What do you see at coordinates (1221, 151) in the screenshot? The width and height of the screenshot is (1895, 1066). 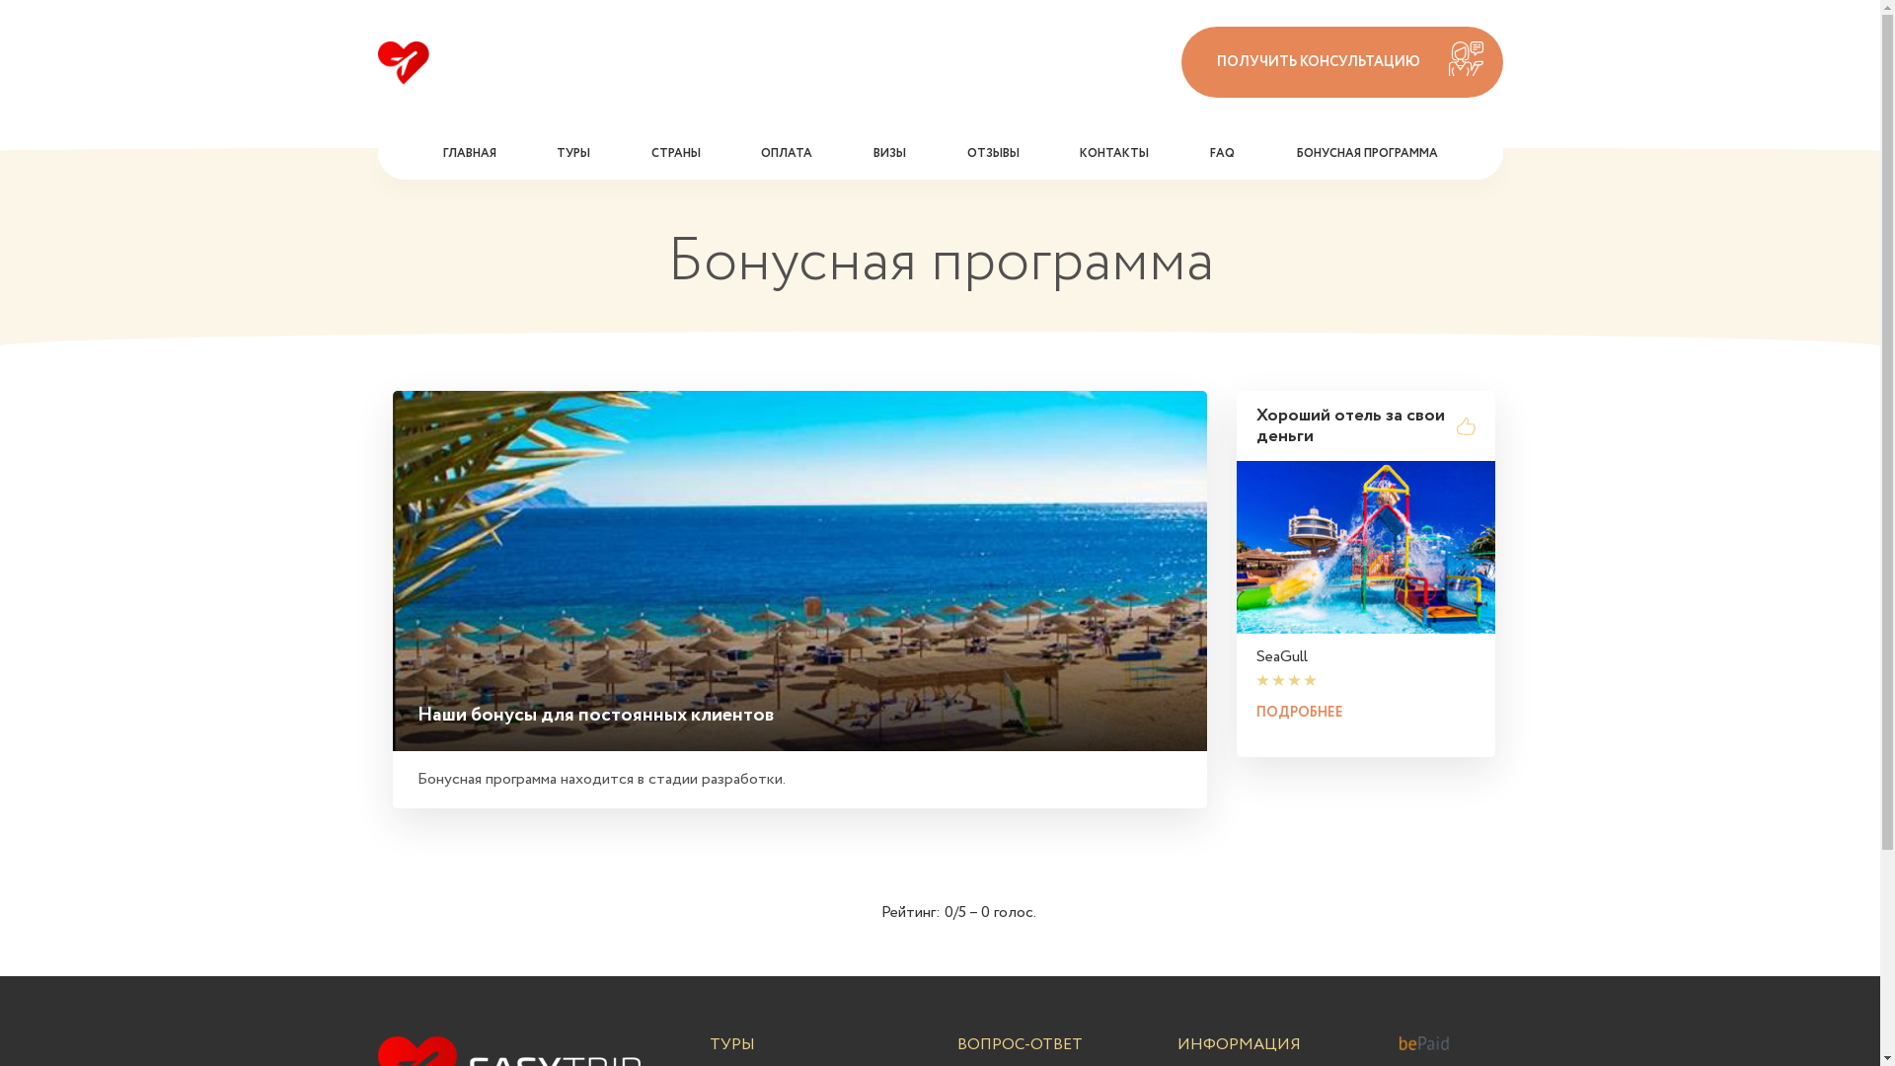 I see `'FAQ'` at bounding box center [1221, 151].